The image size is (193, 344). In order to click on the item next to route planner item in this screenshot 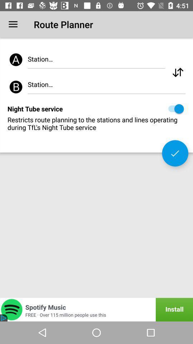, I will do `click(13, 24)`.